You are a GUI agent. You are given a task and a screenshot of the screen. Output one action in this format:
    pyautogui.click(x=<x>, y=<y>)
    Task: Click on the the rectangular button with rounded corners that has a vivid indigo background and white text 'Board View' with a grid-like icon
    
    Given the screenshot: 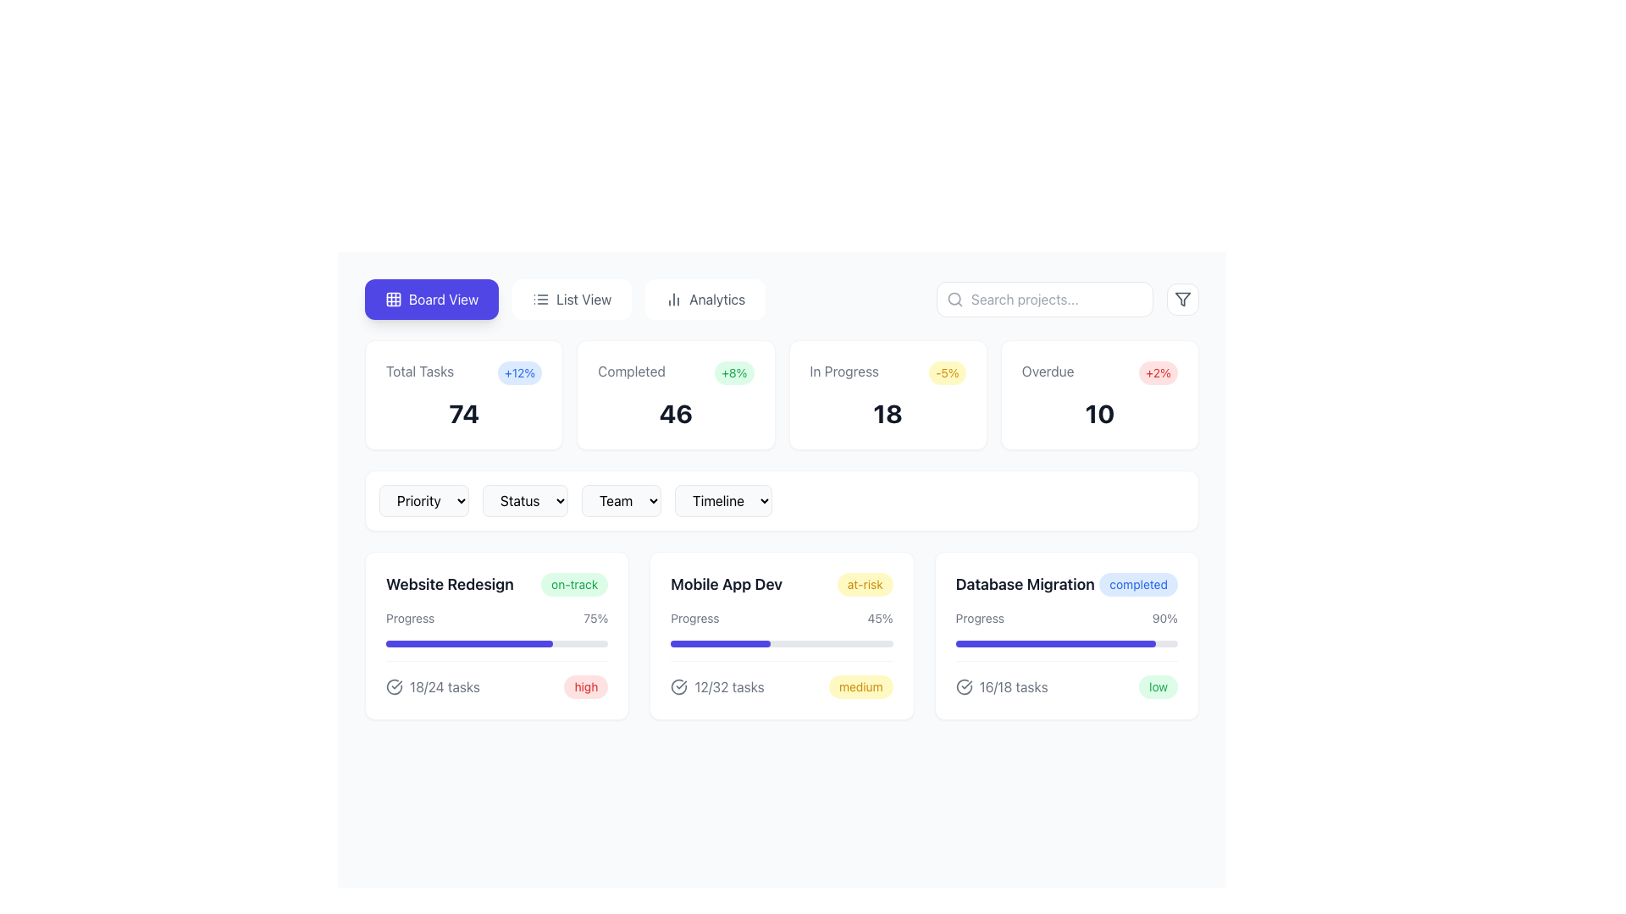 What is the action you would take?
    pyautogui.click(x=432, y=299)
    